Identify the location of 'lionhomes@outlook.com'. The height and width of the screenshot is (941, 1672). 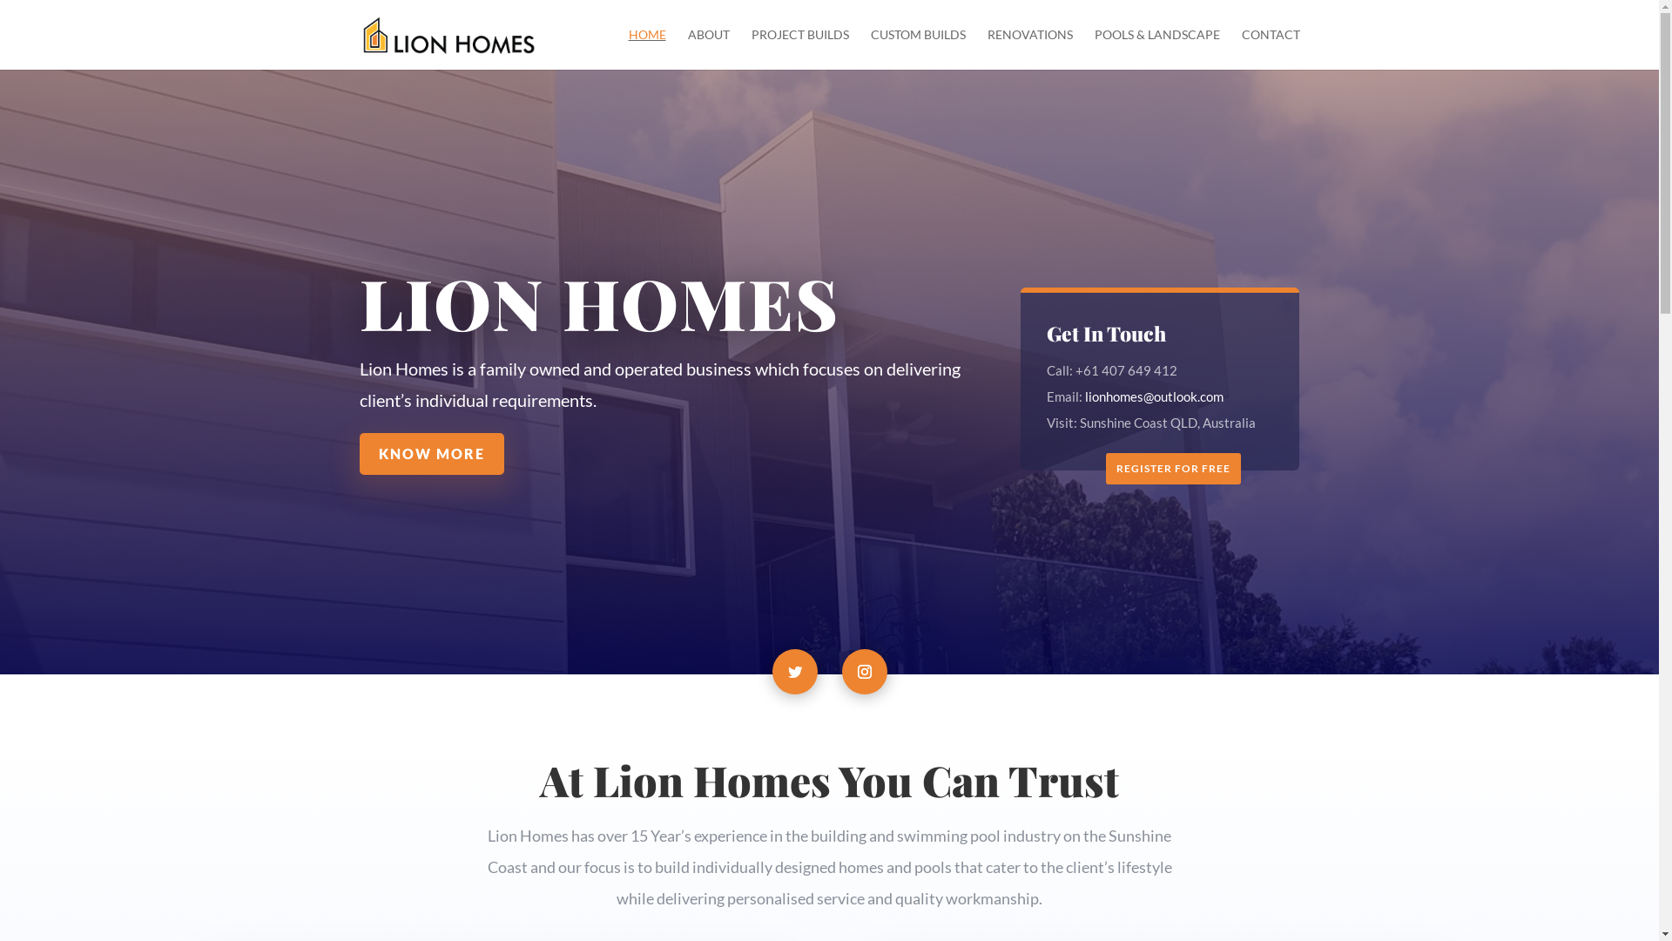
(1154, 396).